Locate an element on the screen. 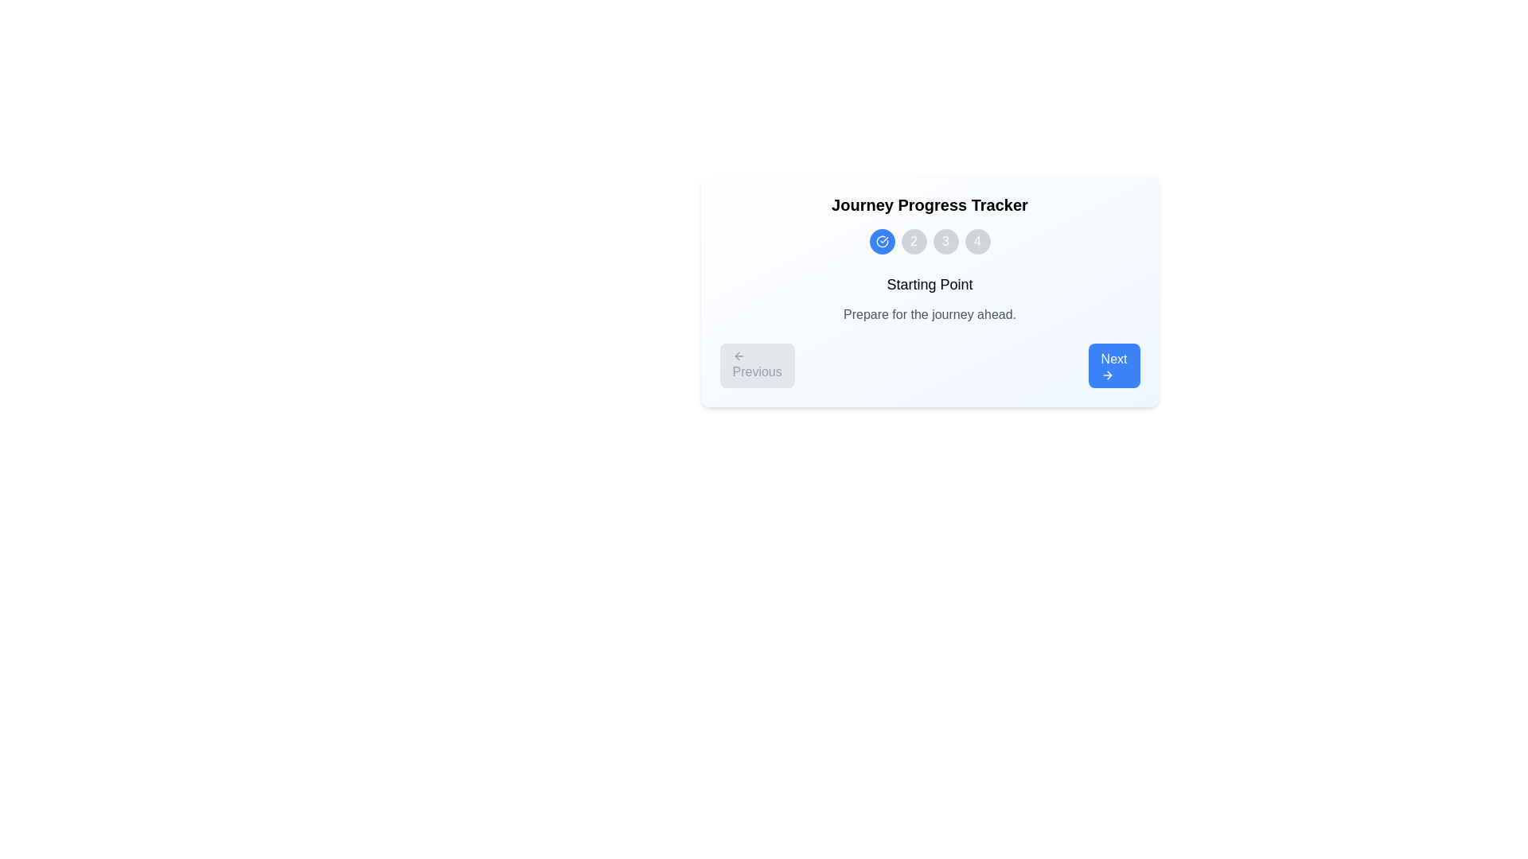 The height and width of the screenshot is (859, 1528). the 'Next' button which contains the right-pointing arrow icon located at the bottom-right corner of the card interface is located at coordinates (1106, 375).